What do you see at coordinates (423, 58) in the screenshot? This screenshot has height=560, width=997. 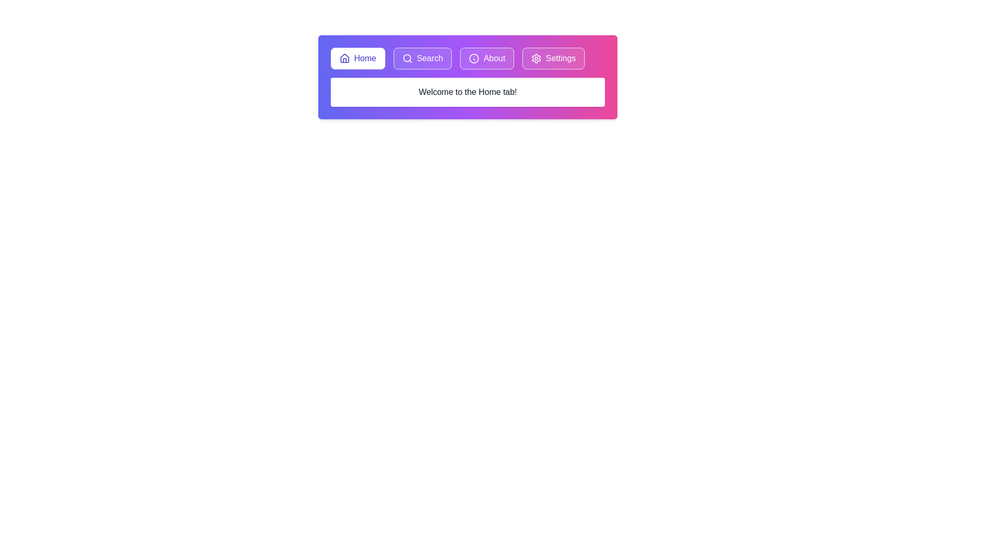 I see `the tab labeled Search to activate it` at bounding box center [423, 58].